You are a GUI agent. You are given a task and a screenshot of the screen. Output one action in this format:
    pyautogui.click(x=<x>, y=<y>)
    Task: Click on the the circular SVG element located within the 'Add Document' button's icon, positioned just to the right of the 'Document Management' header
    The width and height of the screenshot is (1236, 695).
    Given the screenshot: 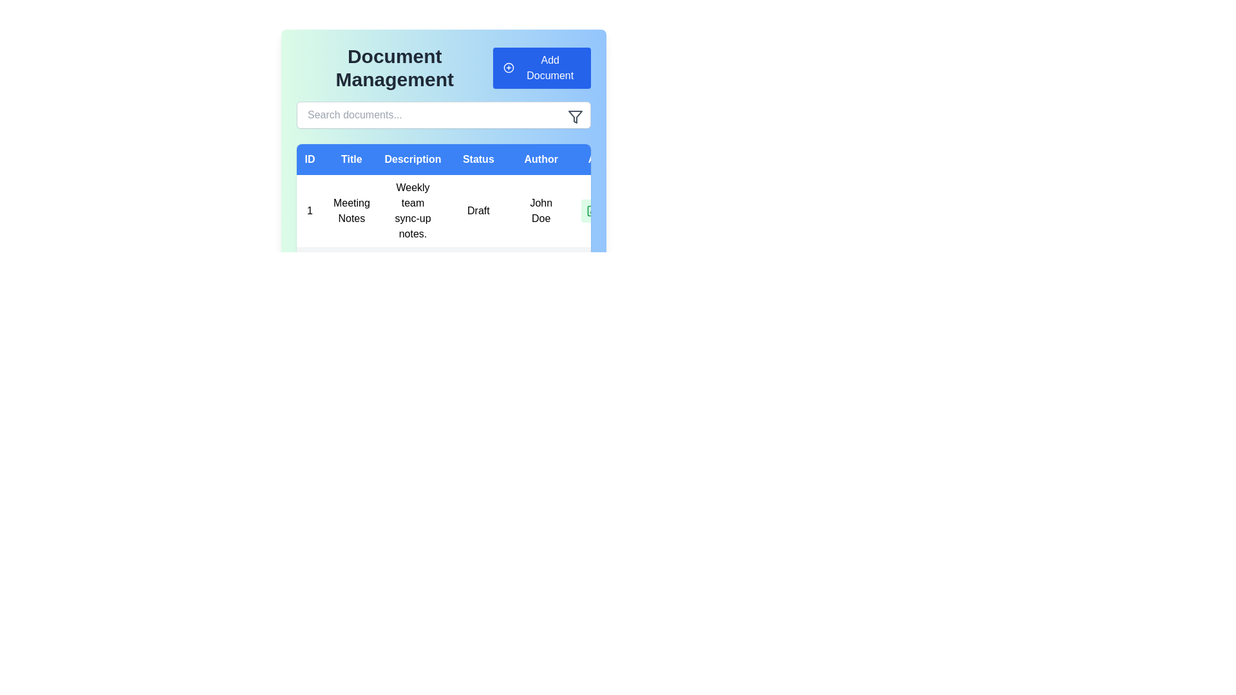 What is the action you would take?
    pyautogui.click(x=508, y=68)
    